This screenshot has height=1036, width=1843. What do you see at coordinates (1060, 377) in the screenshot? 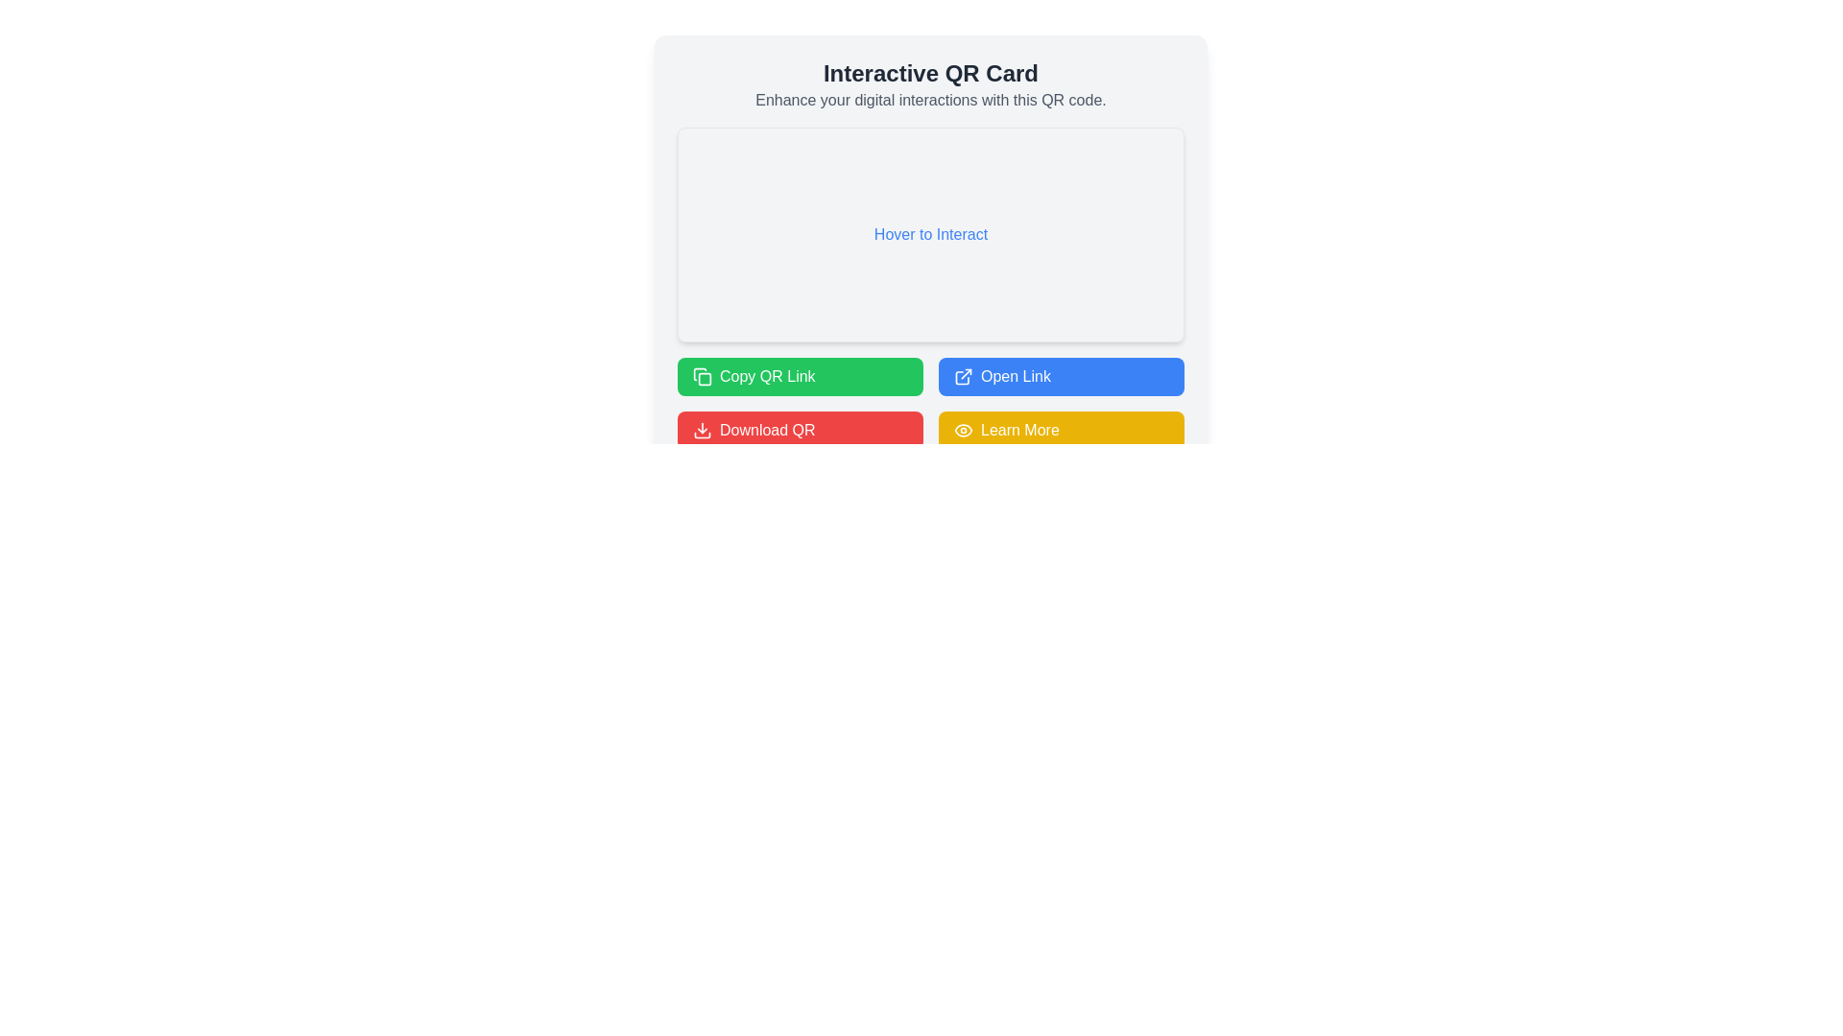
I see `the button located in the second column of the two-column grid layout, aligned with the 'Copy QR Link' button` at bounding box center [1060, 377].